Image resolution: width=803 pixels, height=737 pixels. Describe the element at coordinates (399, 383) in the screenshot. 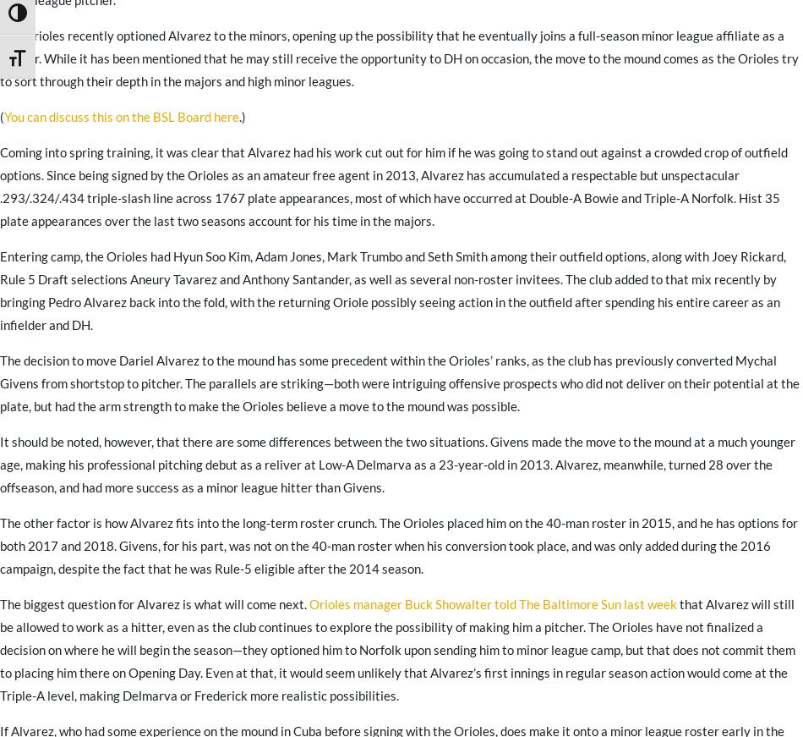

I see `'The decision to move Dariel Alvarez to the mound has some precedent within the Orioles’ ranks, as the club has previously converted Mychal Givens from shortstop to pitcher. The parallels are striking—both were intriguing offensive prospects who did not deliver on their potential at the plate, but had the arm strength to make the Orioles believe a move to the mound was possible.'` at that location.